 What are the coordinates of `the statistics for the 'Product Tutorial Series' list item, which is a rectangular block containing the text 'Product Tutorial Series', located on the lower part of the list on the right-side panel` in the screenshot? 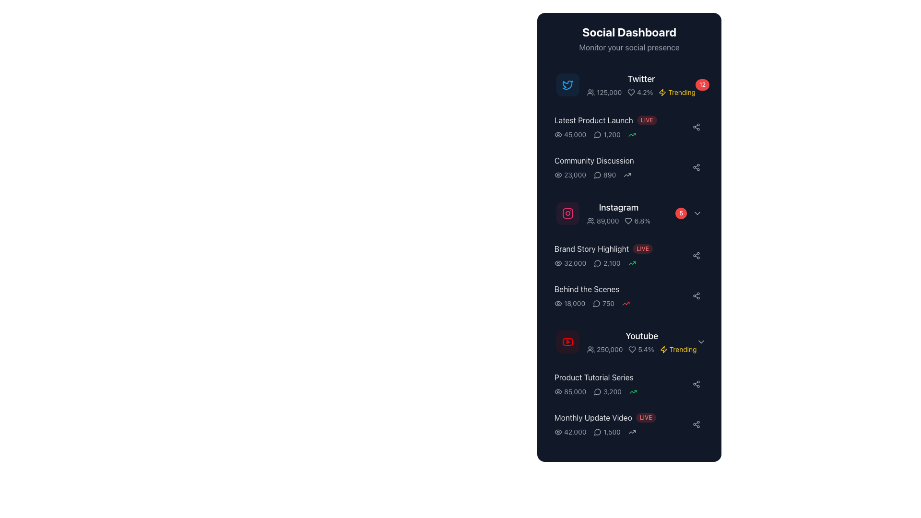 It's located at (629, 384).